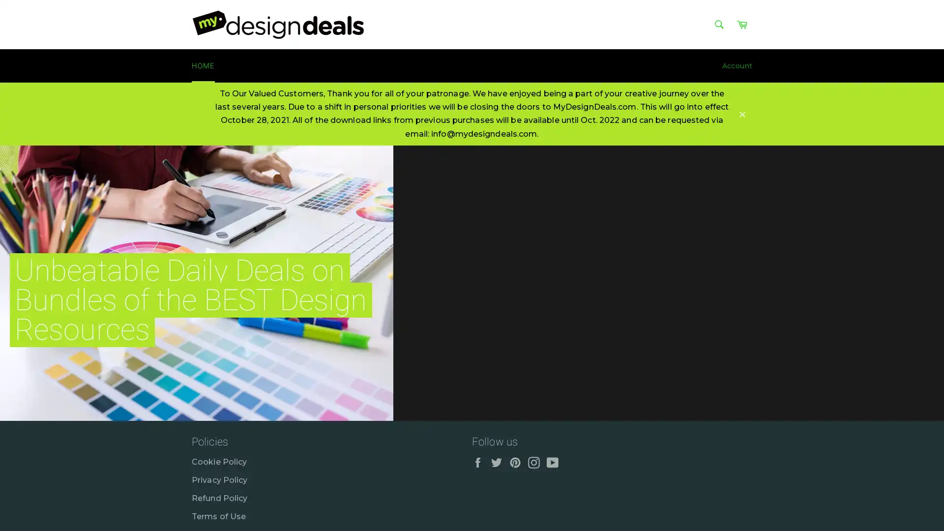  What do you see at coordinates (742, 113) in the screenshot?
I see `Close` at bounding box center [742, 113].